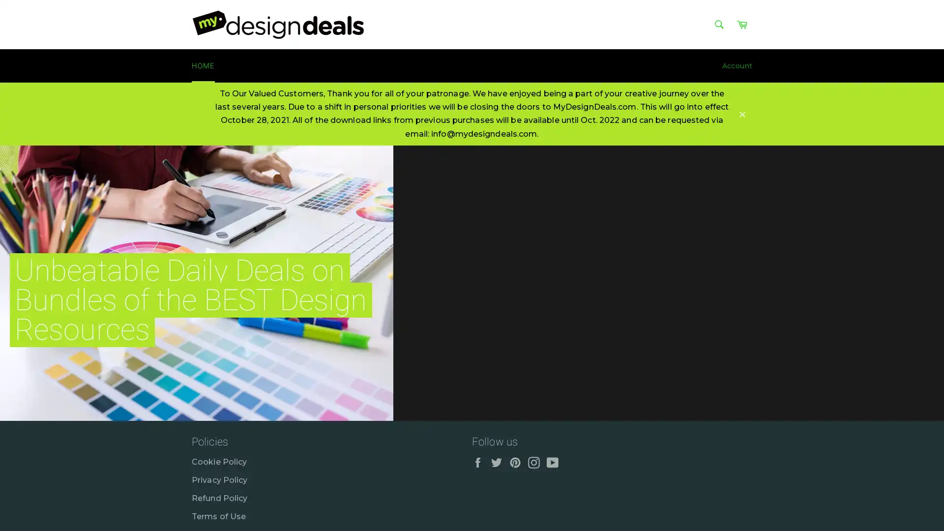  What do you see at coordinates (742, 113) in the screenshot?
I see `Close` at bounding box center [742, 113].